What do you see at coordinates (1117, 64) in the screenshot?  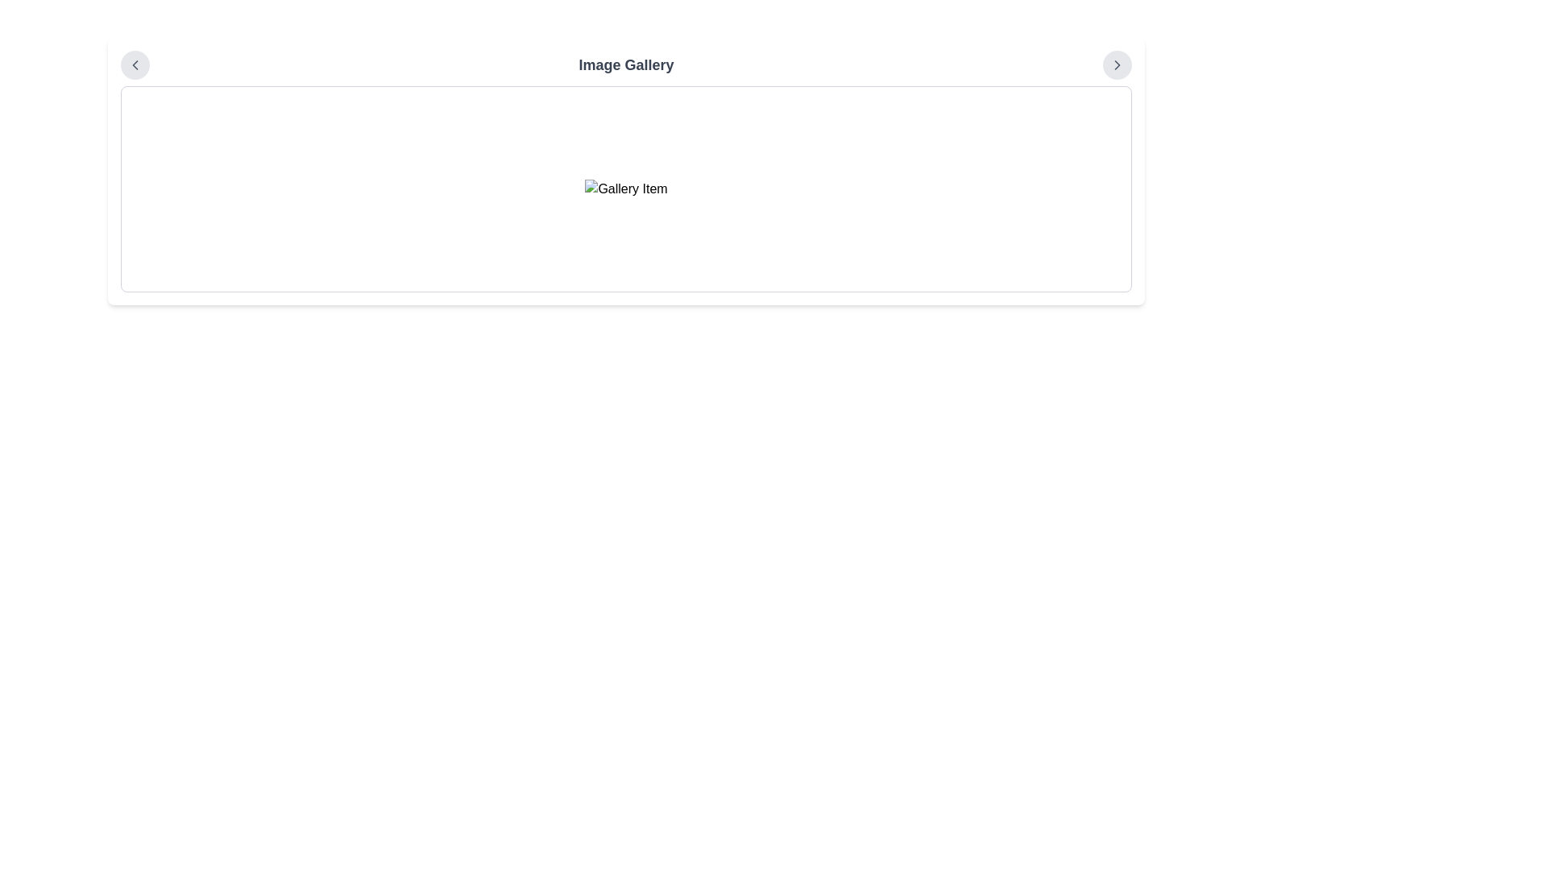 I see `the right-pointing chevron icon, which is a minimalist design made of three lines forming an arrow shape, located in the upper-right corner of the interface` at bounding box center [1117, 64].